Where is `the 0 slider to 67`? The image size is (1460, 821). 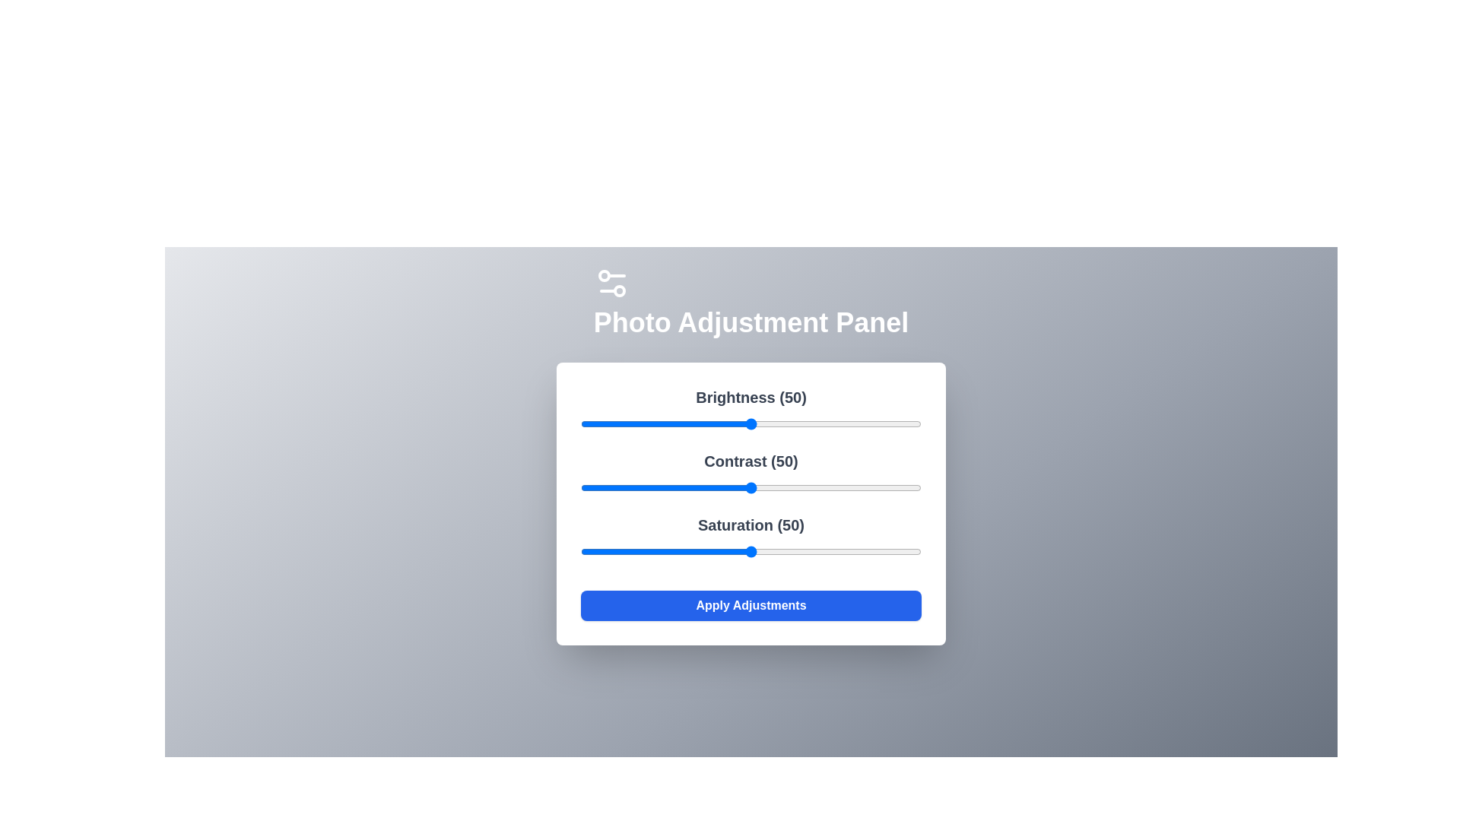
the 0 slider to 67 is located at coordinates (808, 424).